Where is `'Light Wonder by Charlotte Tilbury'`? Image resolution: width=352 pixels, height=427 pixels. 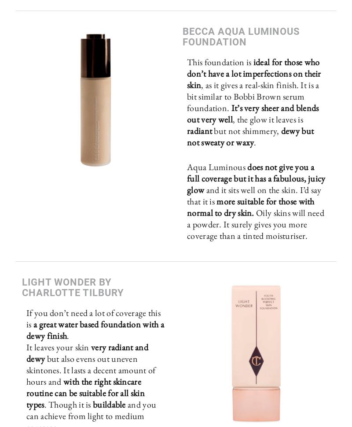
'Light Wonder by Charlotte Tilbury' is located at coordinates (22, 287).